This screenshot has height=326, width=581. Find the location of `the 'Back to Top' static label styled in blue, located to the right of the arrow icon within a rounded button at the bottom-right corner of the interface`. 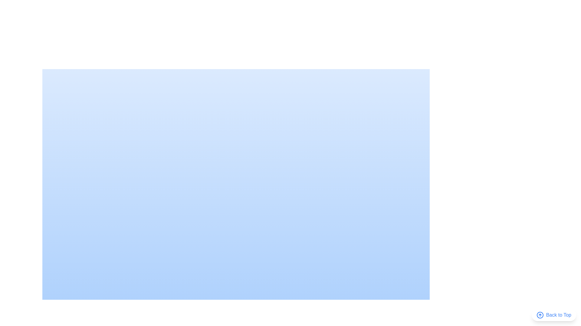

the 'Back to Top' static label styled in blue, located to the right of the arrow icon within a rounded button at the bottom-right corner of the interface is located at coordinates (558, 315).